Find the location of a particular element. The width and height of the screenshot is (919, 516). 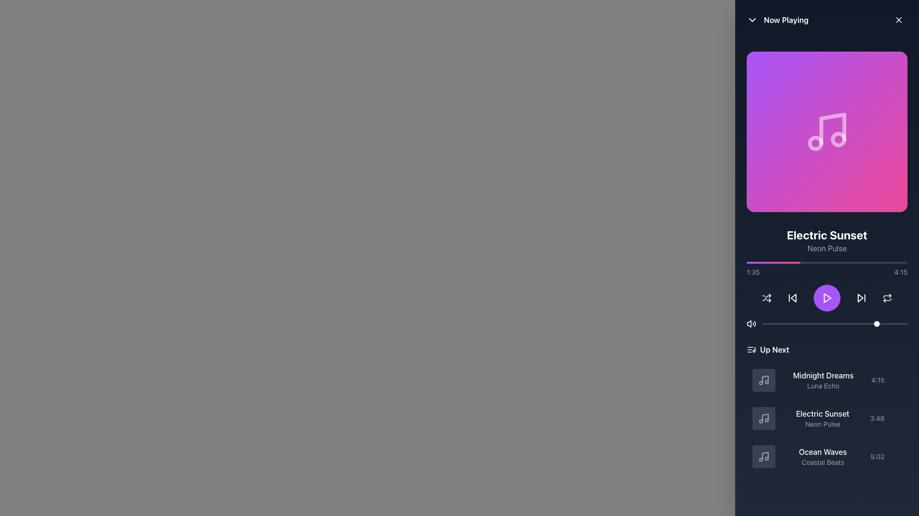

the first icon in the row of control buttons below the progress bar is located at coordinates (767, 298).